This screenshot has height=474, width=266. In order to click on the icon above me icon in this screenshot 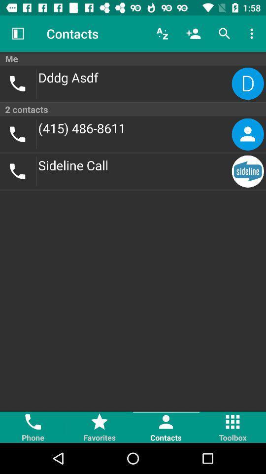, I will do `click(194, 34)`.